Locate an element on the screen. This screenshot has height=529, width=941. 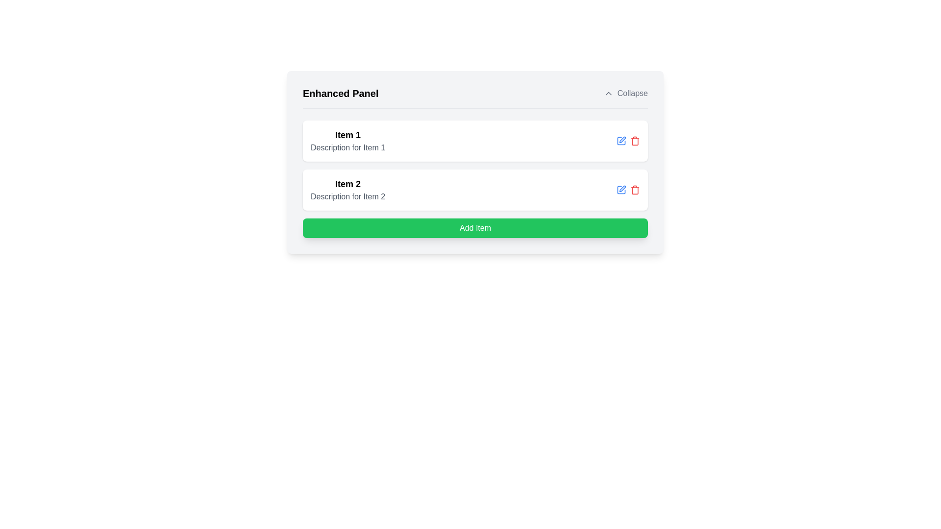
the 'Edit' button/icon located in the top-right corner of the card for 'Item 1' is located at coordinates (620, 141).